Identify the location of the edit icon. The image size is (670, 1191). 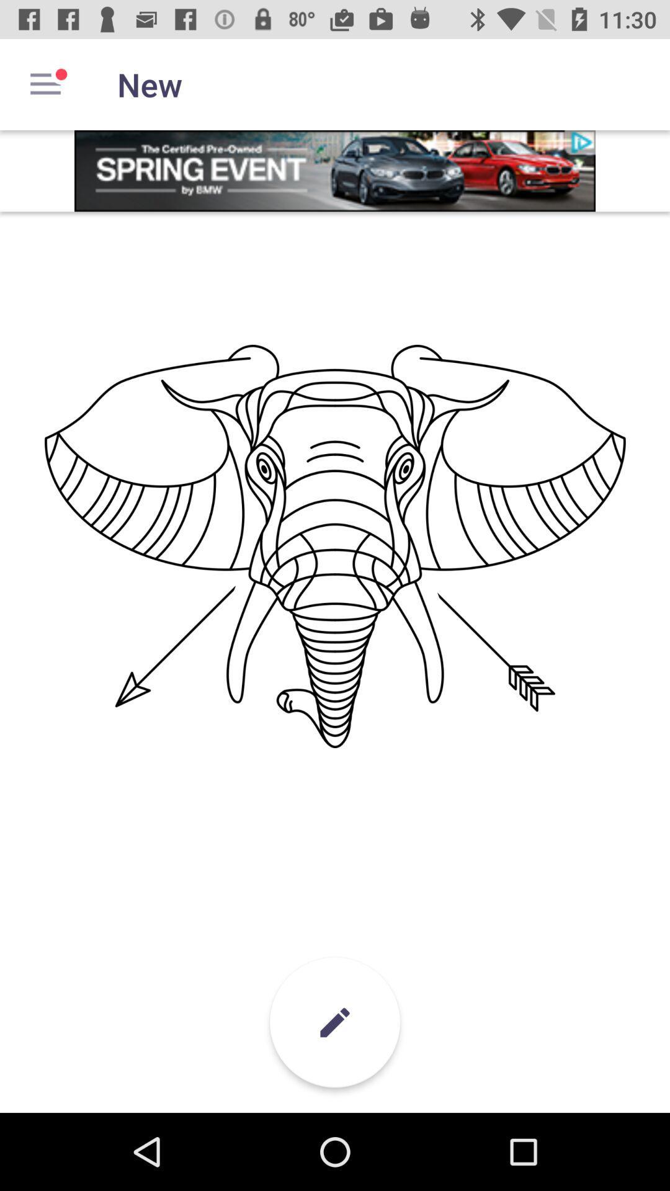
(335, 1022).